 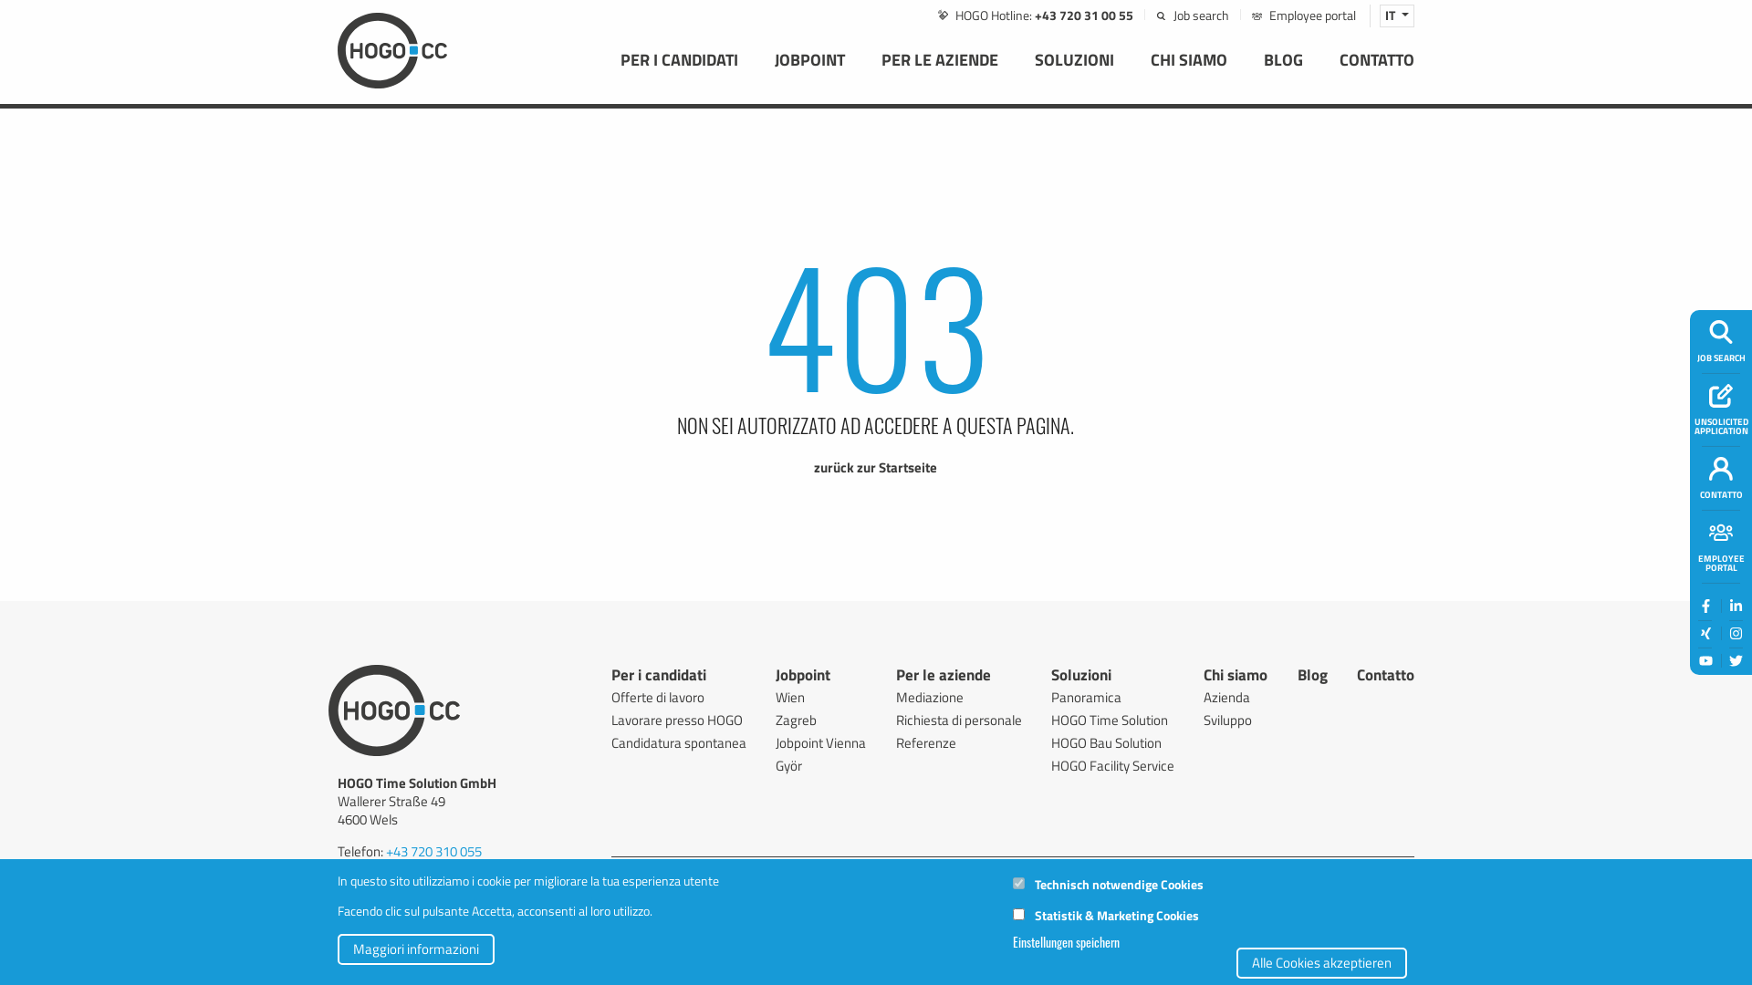 I want to click on 'LinkedIn', so click(x=1735, y=606).